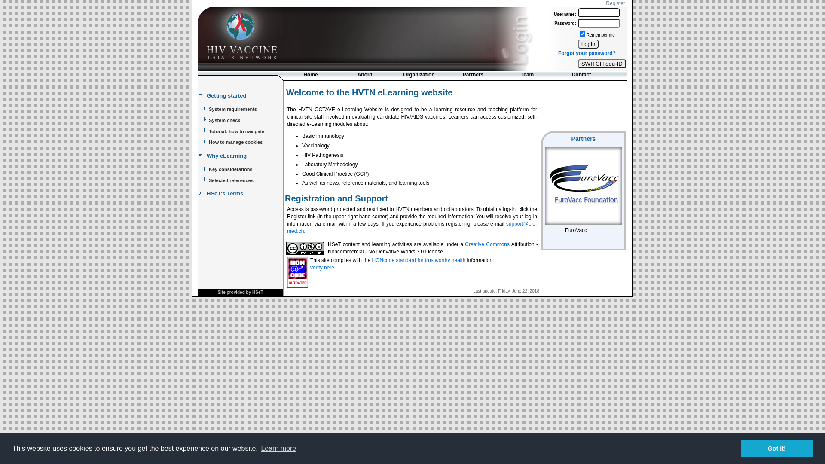 The height and width of the screenshot is (464, 825). What do you see at coordinates (602, 63) in the screenshot?
I see `'SWITCH edu-ID'` at bounding box center [602, 63].